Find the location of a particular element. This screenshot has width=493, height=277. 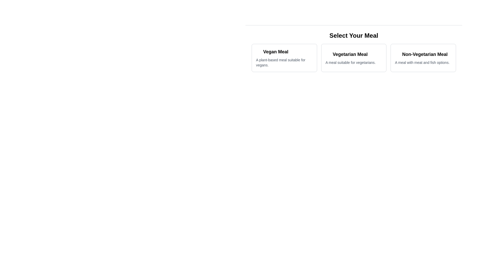

the text description displaying 'A meal with meat and fish options.' located beneath the 'Non-Vegetarian Meal' title in the third box of meal options is located at coordinates (423, 62).